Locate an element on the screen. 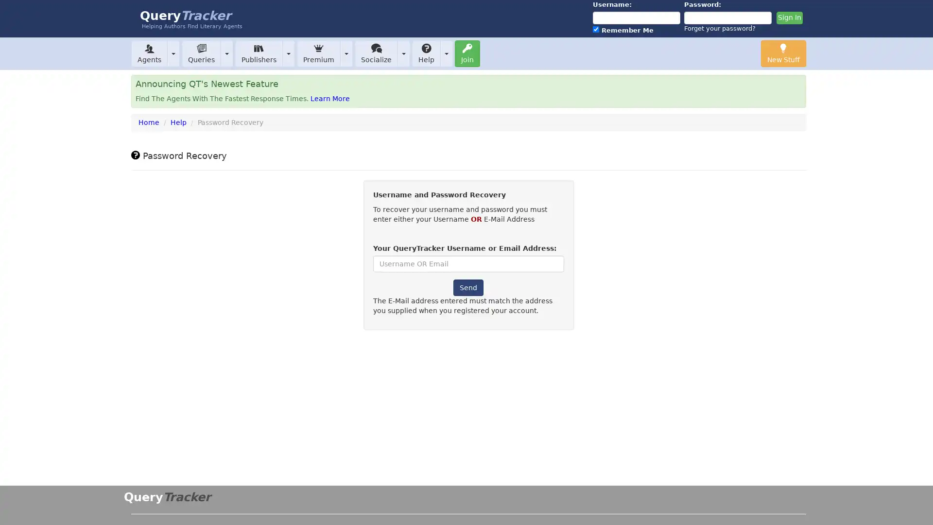 This screenshot has height=525, width=933. Toggle Dropdown is located at coordinates (173, 53).